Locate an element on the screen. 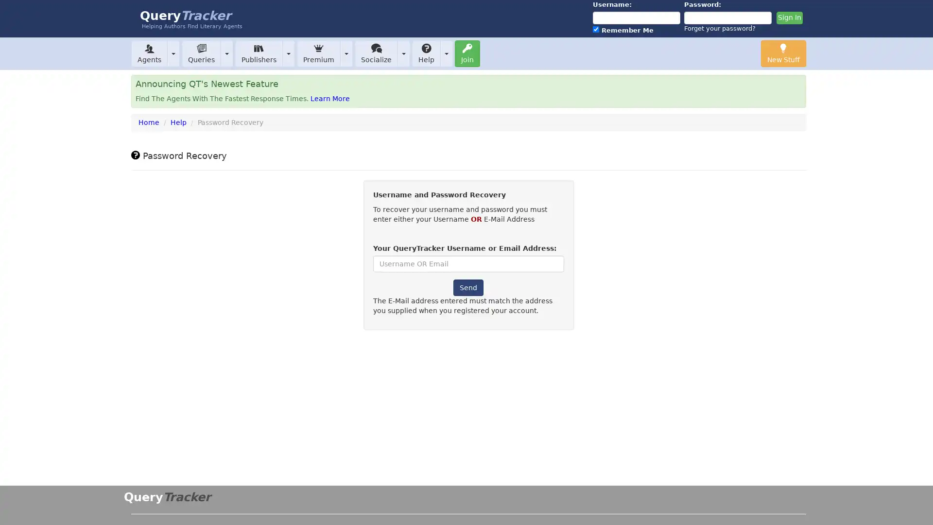 This screenshot has height=525, width=933. Toggle Dropdown is located at coordinates (173, 53).